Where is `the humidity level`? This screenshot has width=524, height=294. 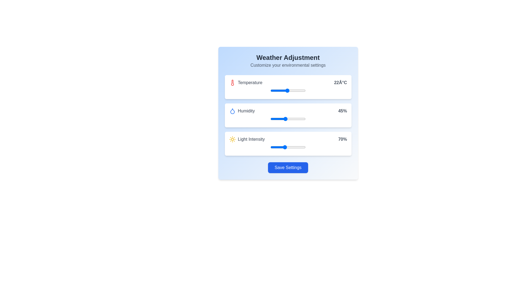 the humidity level is located at coordinates (285, 118).